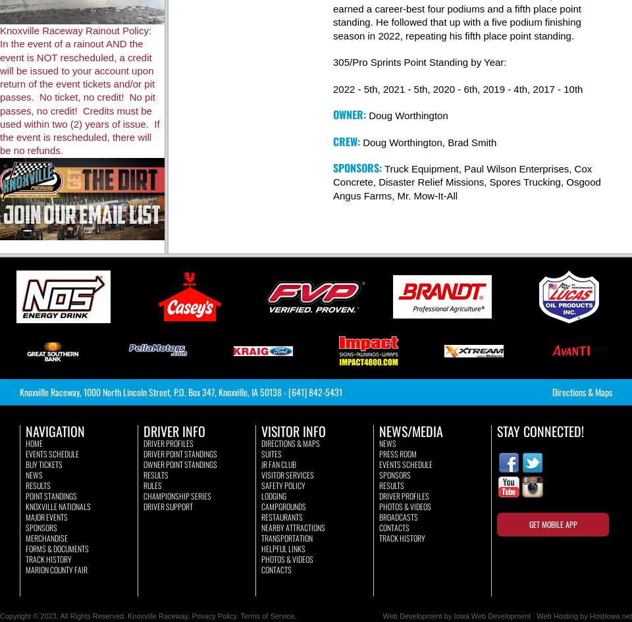 The width and height of the screenshot is (632, 622). What do you see at coordinates (552, 523) in the screenshot?
I see `'Get Mobile App'` at bounding box center [552, 523].